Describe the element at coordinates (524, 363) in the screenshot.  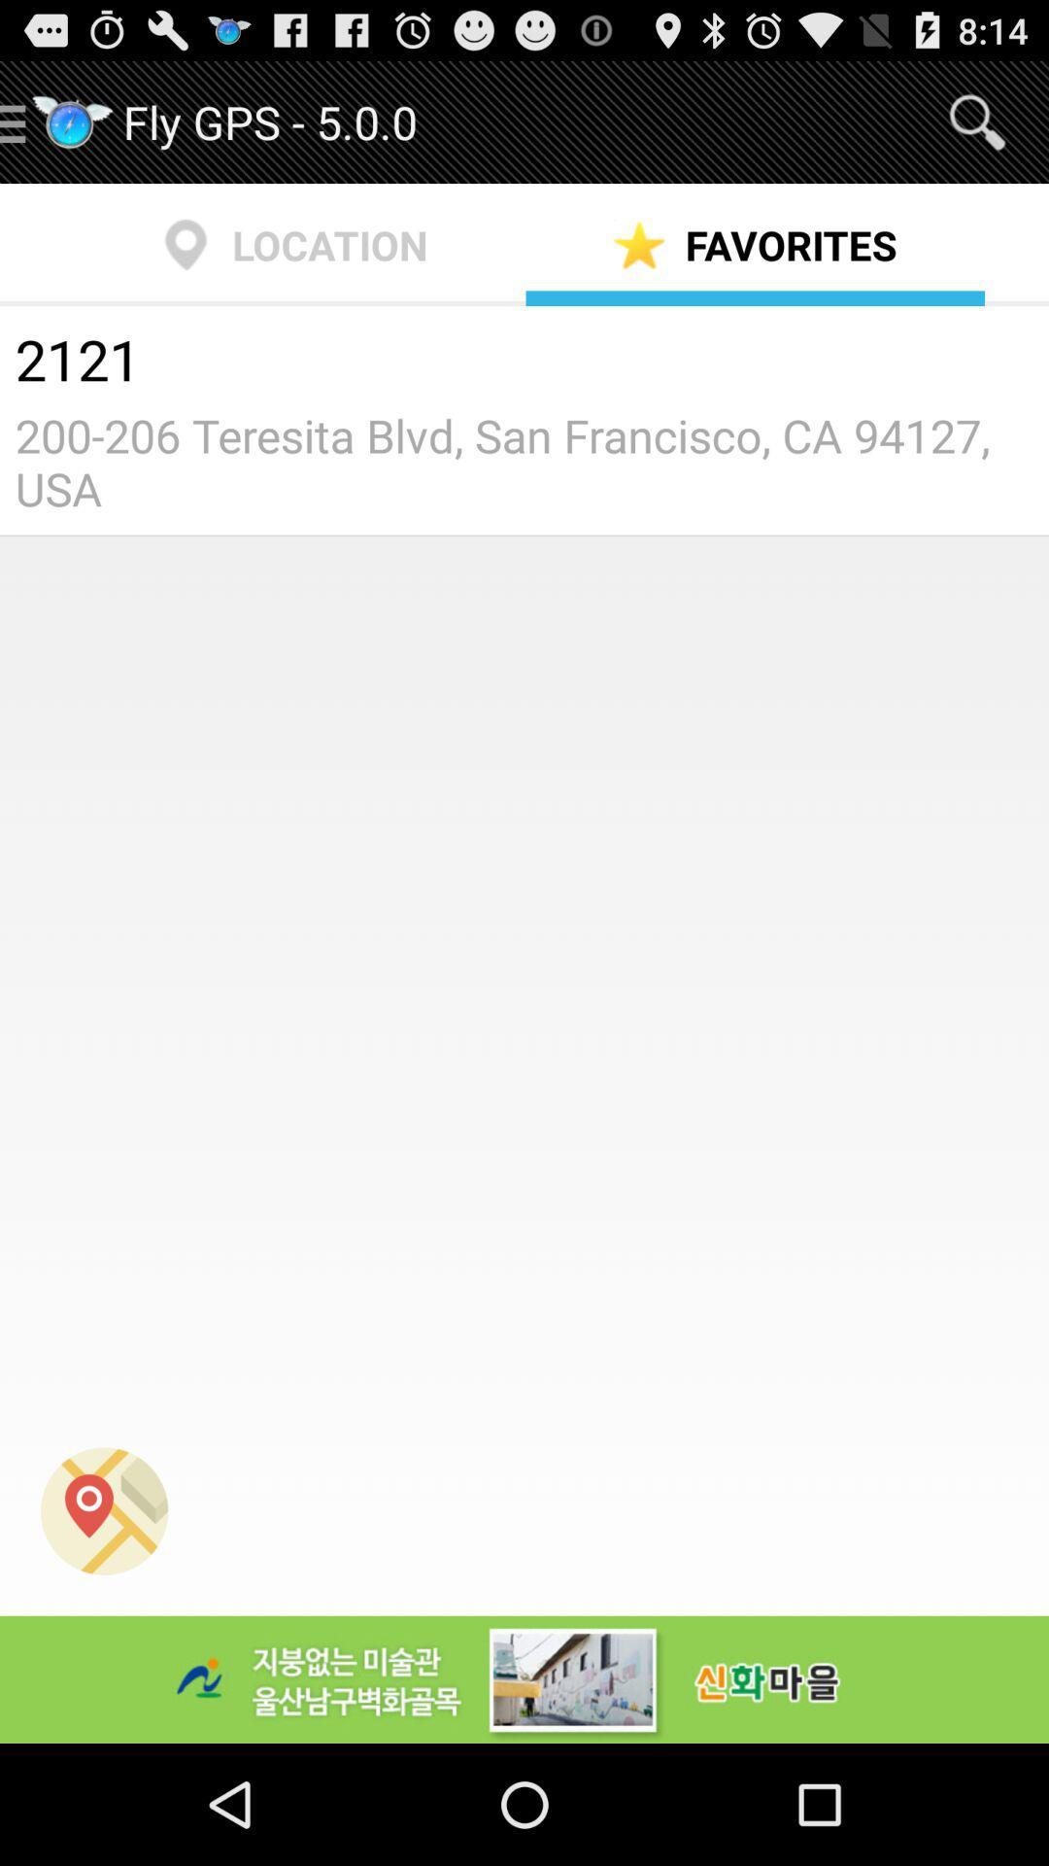
I see `the icon below location icon` at that location.